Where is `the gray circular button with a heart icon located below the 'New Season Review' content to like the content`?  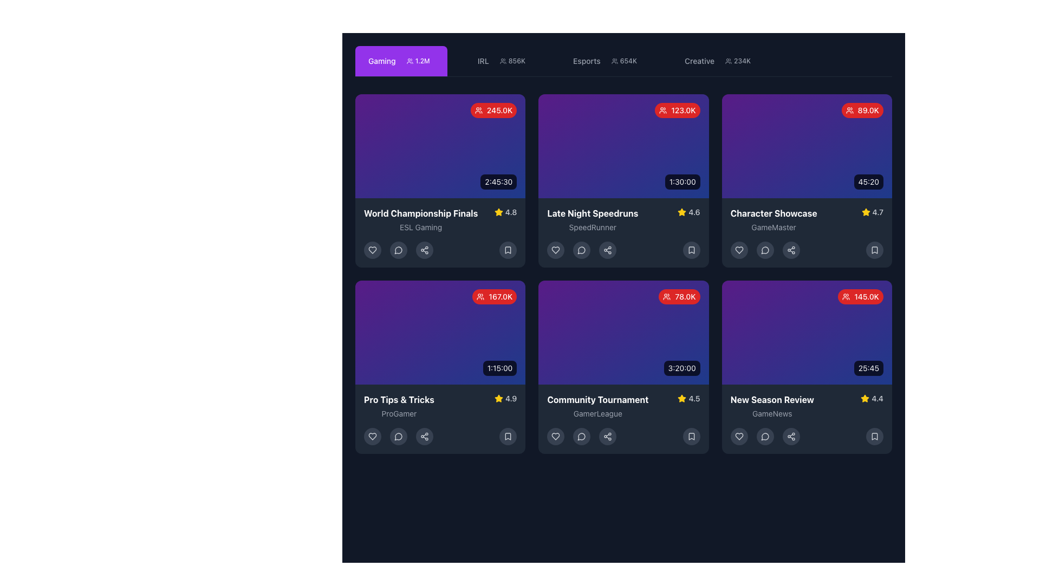
the gray circular button with a heart icon located below the 'New Season Review' content to like the content is located at coordinates (738, 436).